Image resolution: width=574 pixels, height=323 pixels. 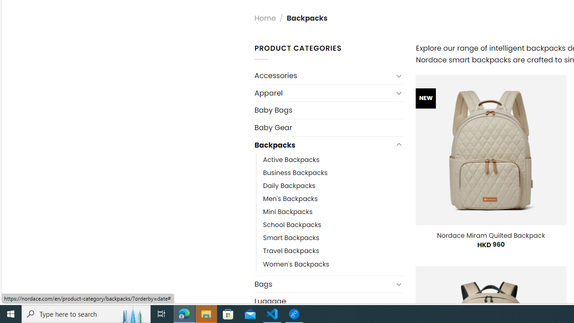 What do you see at coordinates (323, 144) in the screenshot?
I see `'Backpacks'` at bounding box center [323, 144].